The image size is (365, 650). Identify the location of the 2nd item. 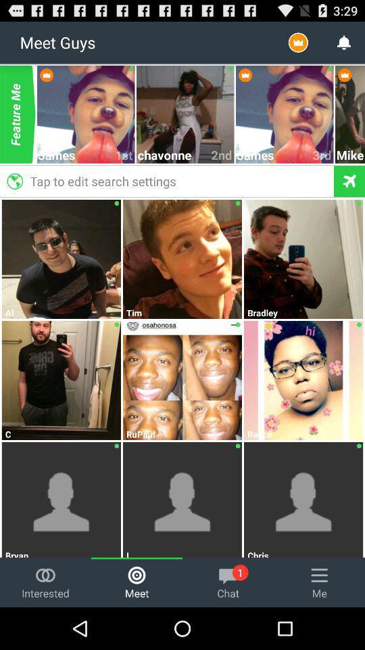
(222, 155).